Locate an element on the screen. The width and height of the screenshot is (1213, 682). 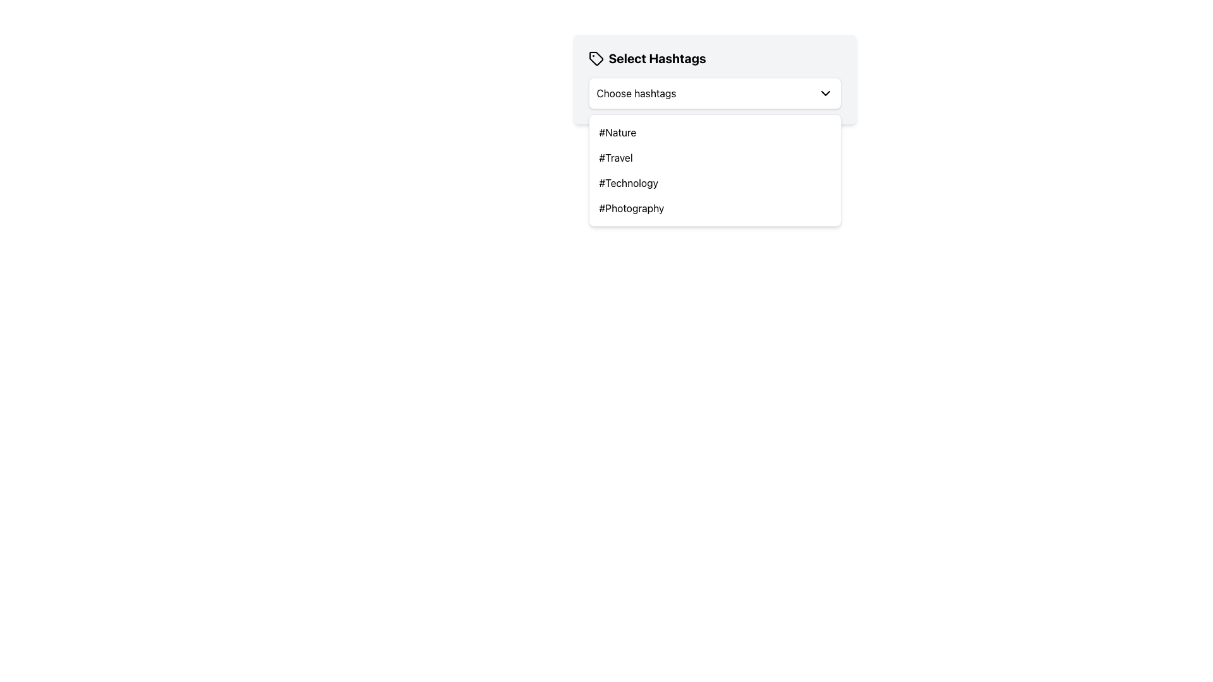
the '#Photography' dropdown menu item by pressing the associated keyboard key is located at coordinates (715, 208).